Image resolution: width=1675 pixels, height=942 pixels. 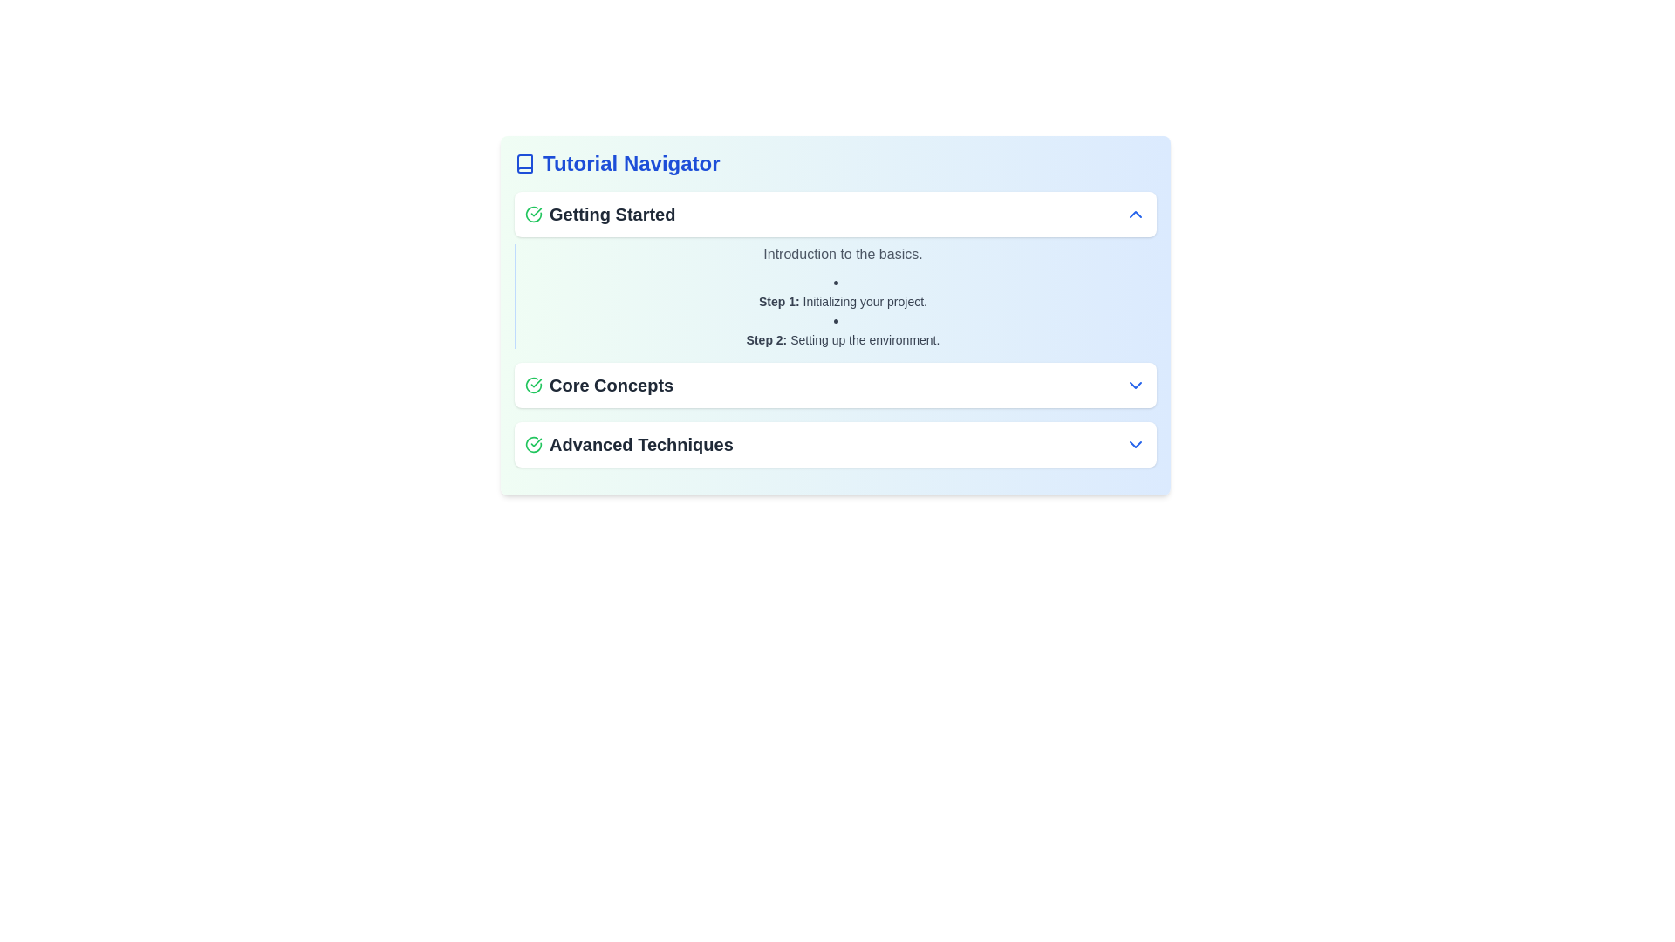 I want to click on the bold text label displaying 'Step 2:' for accessibility purposes within the tutorial interface, so click(x=766, y=339).